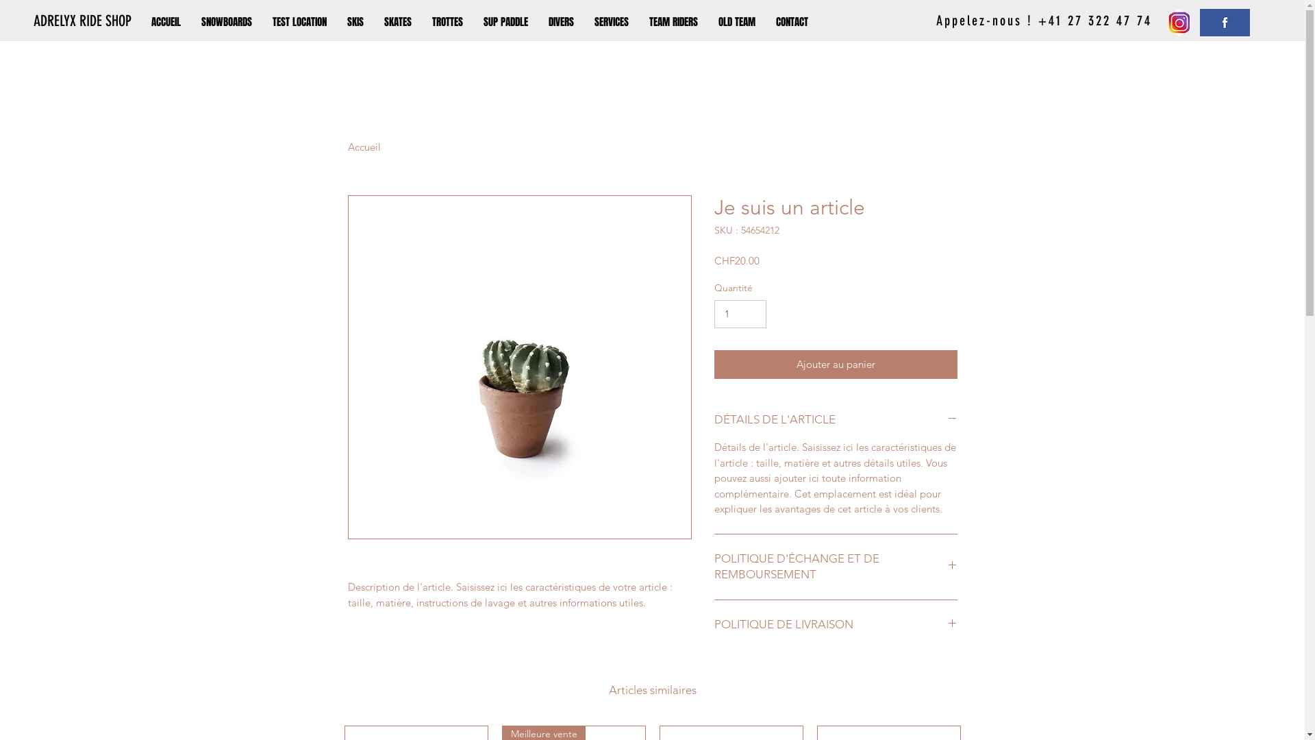 The width and height of the screenshot is (1315, 740). I want to click on 'SUP PADDLE', so click(505, 21).